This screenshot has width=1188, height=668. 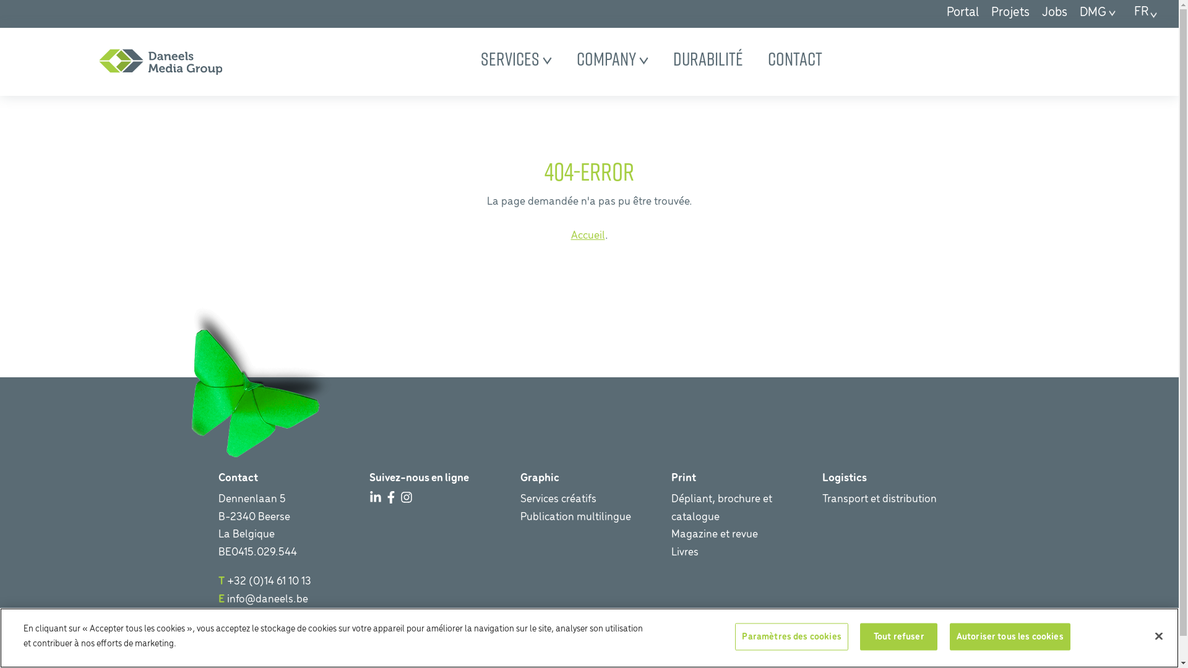 I want to click on 'Accueil', so click(x=587, y=236).